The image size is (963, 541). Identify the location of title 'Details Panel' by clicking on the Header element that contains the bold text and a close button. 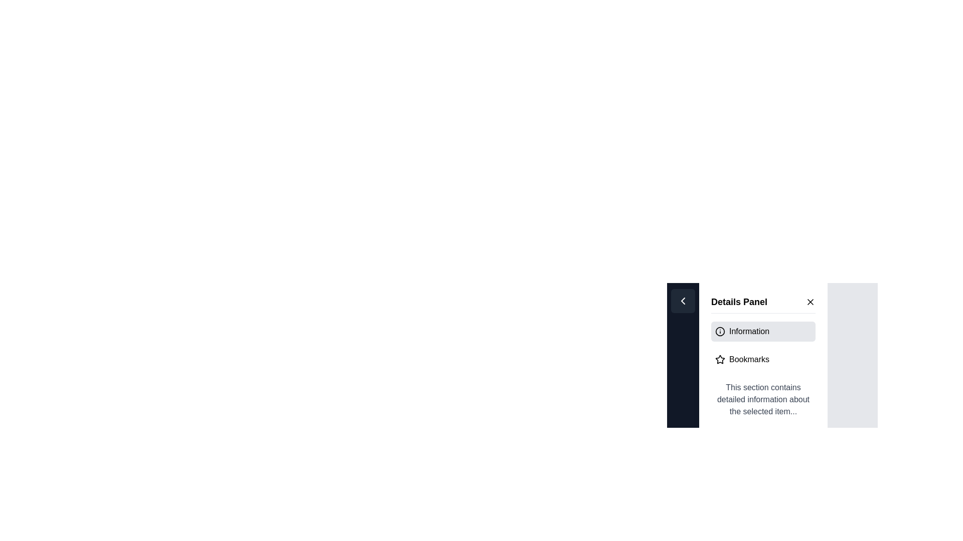
(762, 304).